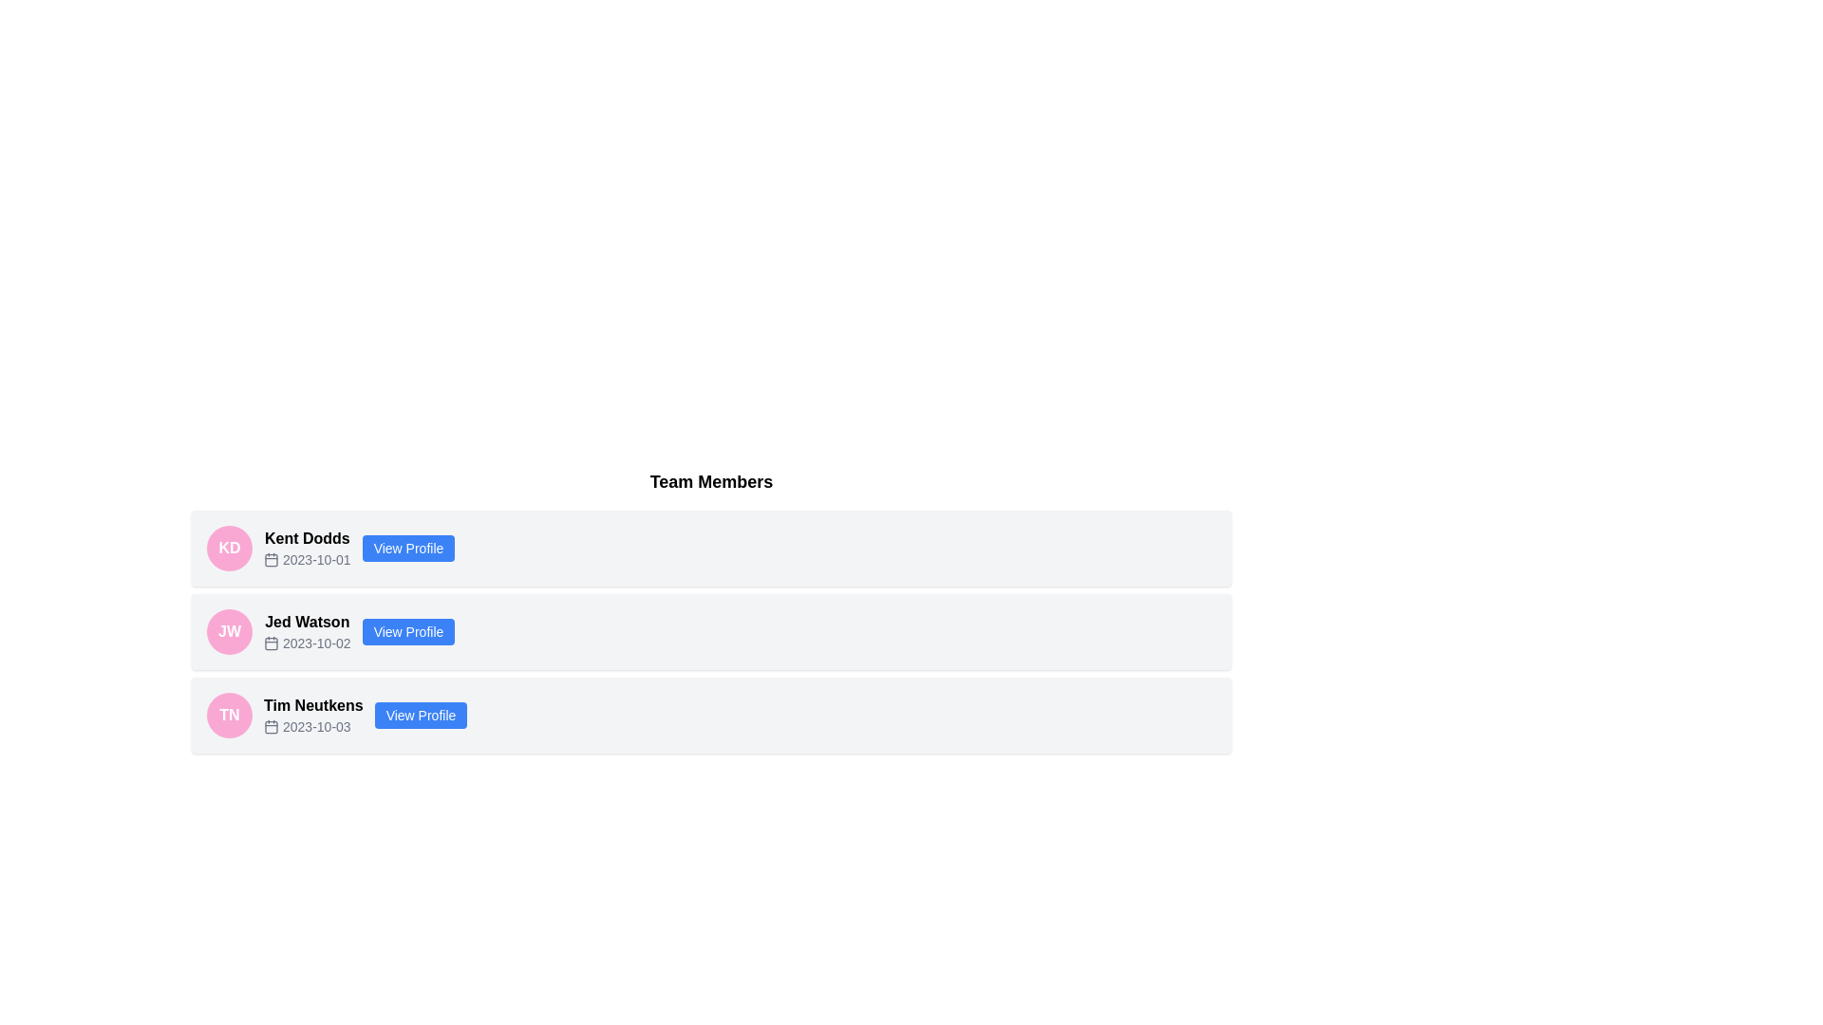 This screenshot has height=1025, width=1823. I want to click on the small calendar icon located to the left of the date '2023-10-02' in the second row of the member list, so click(271, 643).